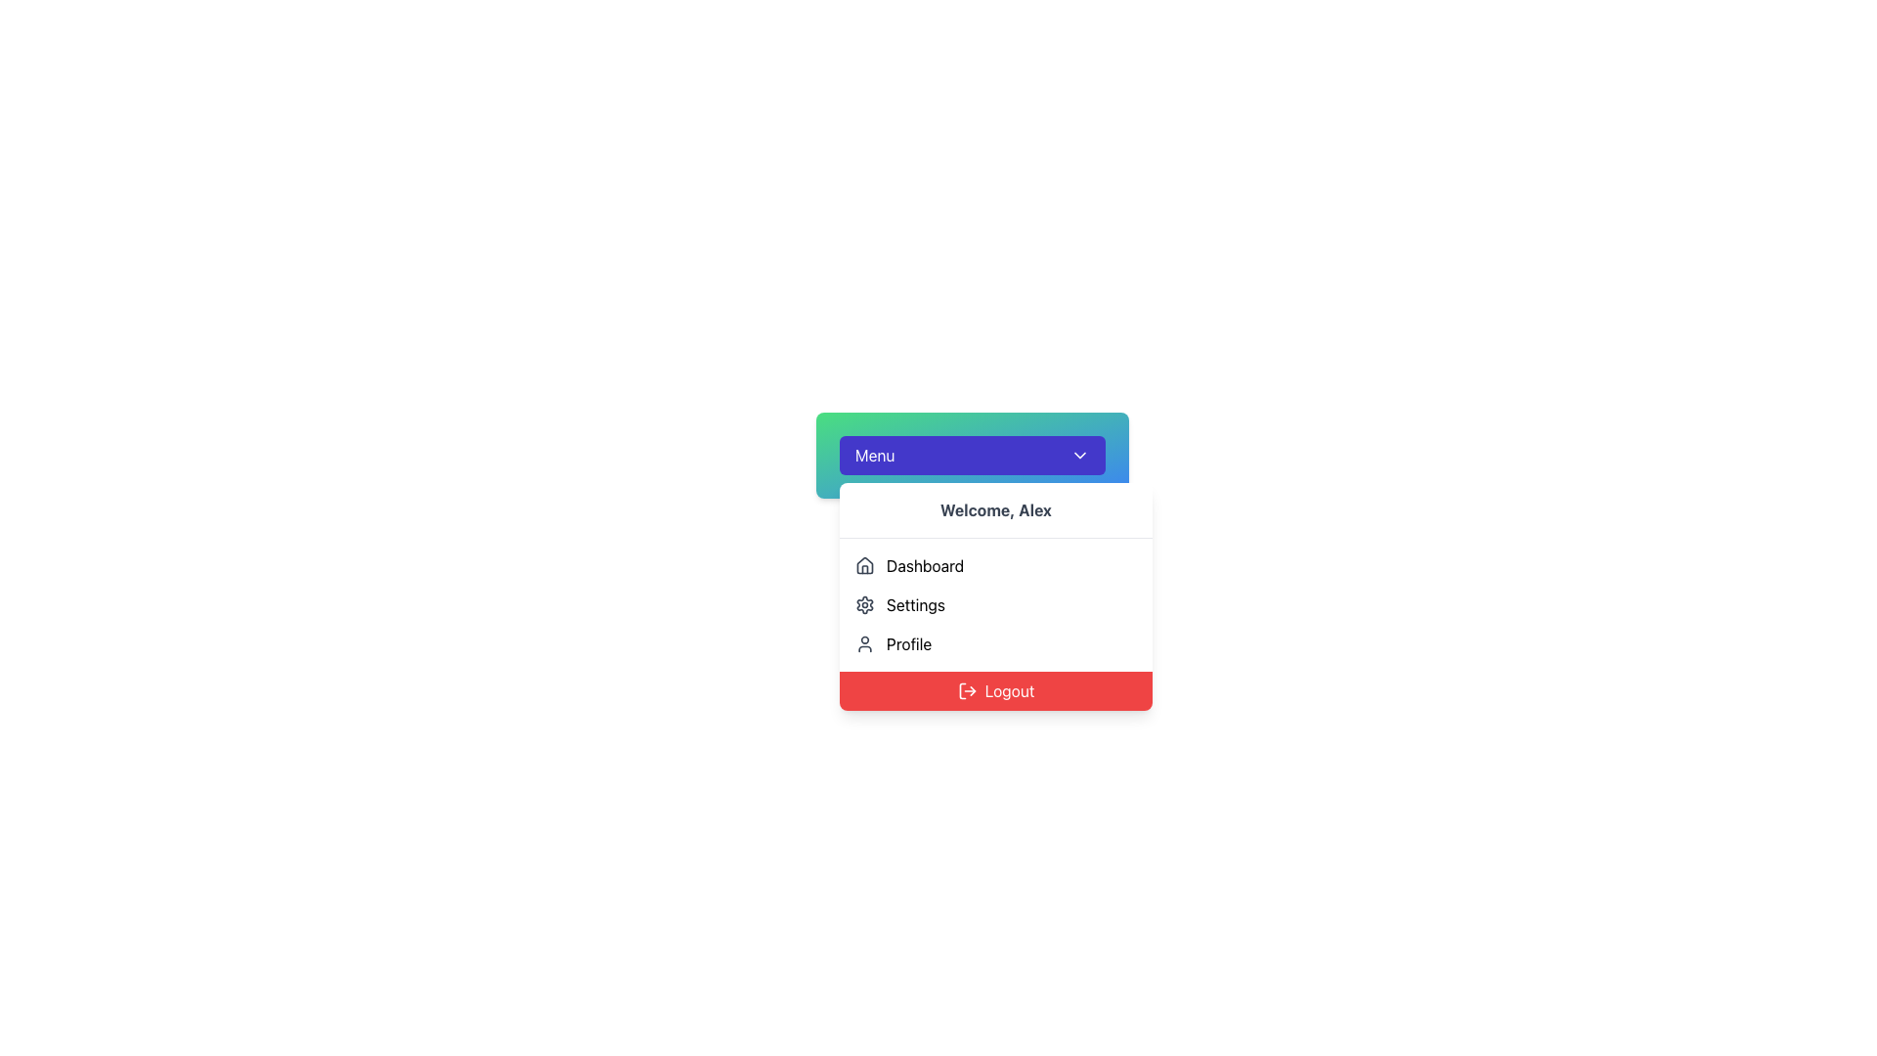 This screenshot has width=1877, height=1056. I want to click on the greeting message static text located at the top center of the dropdown menu beneath the blue 'Menu' button, so click(995, 508).